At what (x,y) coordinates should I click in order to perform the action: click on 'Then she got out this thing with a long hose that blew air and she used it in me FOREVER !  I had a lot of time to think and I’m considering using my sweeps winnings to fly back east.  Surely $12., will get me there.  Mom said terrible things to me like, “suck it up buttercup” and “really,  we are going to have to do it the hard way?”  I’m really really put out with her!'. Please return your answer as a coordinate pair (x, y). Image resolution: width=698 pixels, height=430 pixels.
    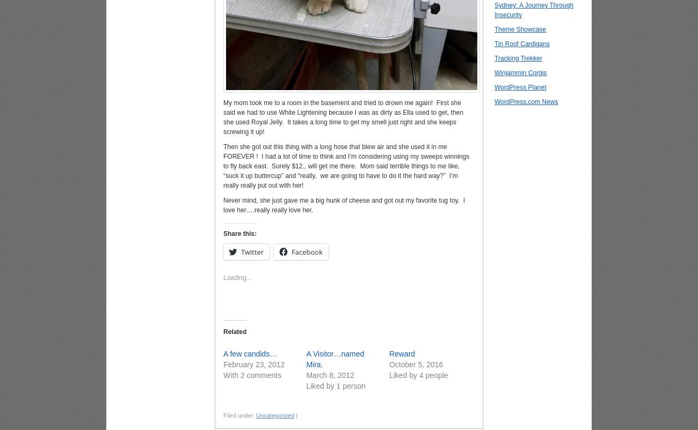
    Looking at the image, I should click on (346, 165).